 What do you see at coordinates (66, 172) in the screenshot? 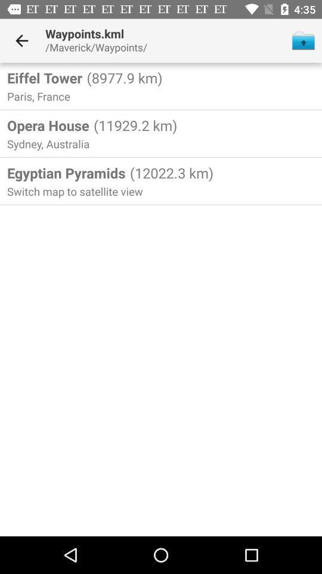
I see `the egyptian pyramids item` at bounding box center [66, 172].